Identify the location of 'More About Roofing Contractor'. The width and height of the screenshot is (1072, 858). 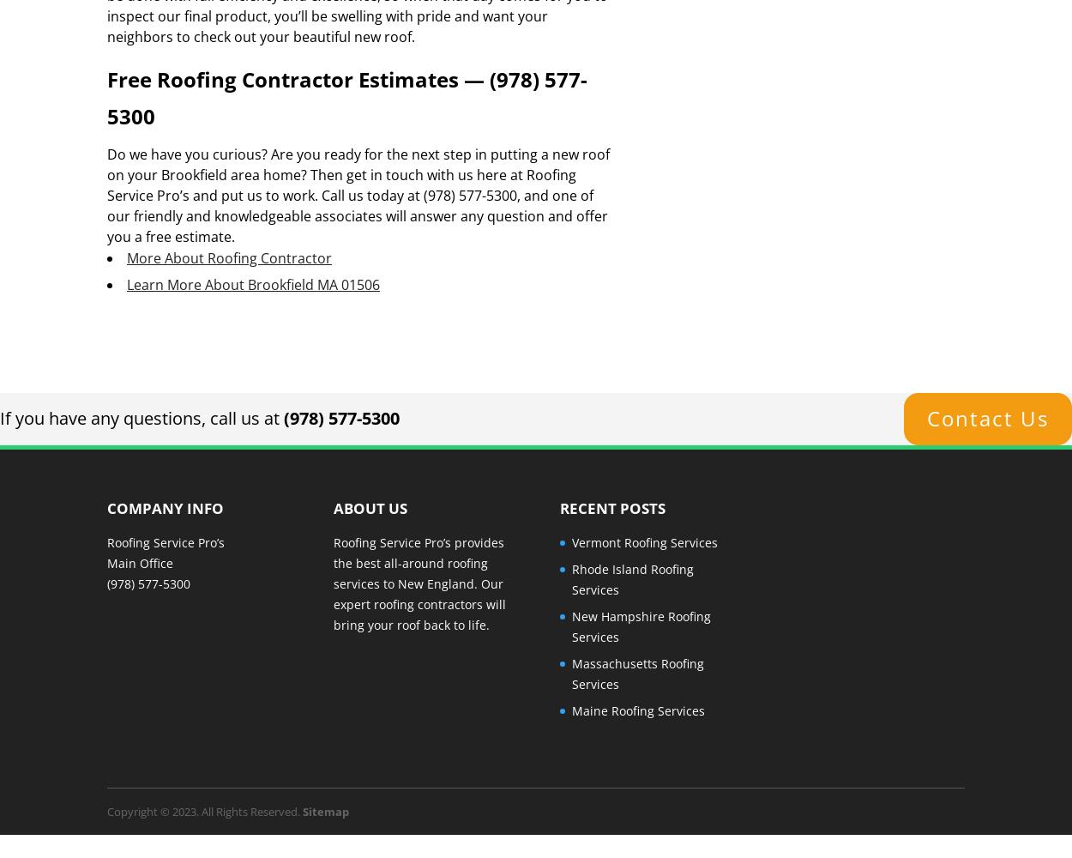
(229, 257).